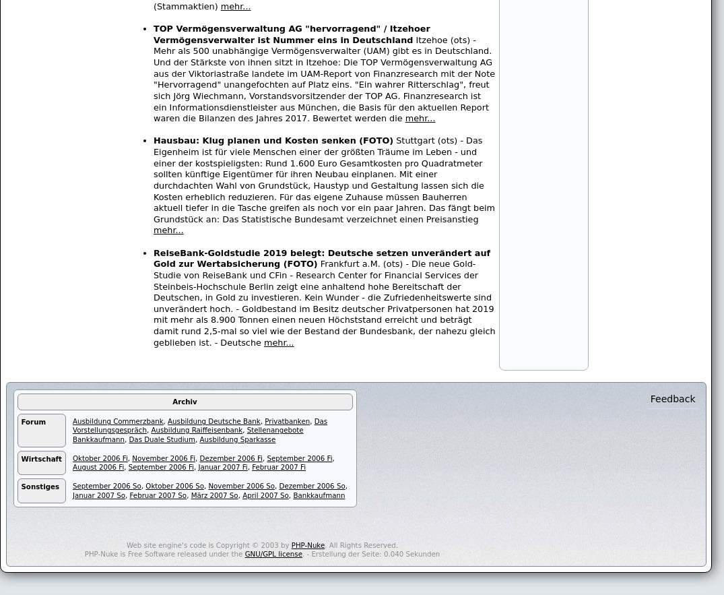  I want to click on 'PHP-Nuke', so click(307, 544).